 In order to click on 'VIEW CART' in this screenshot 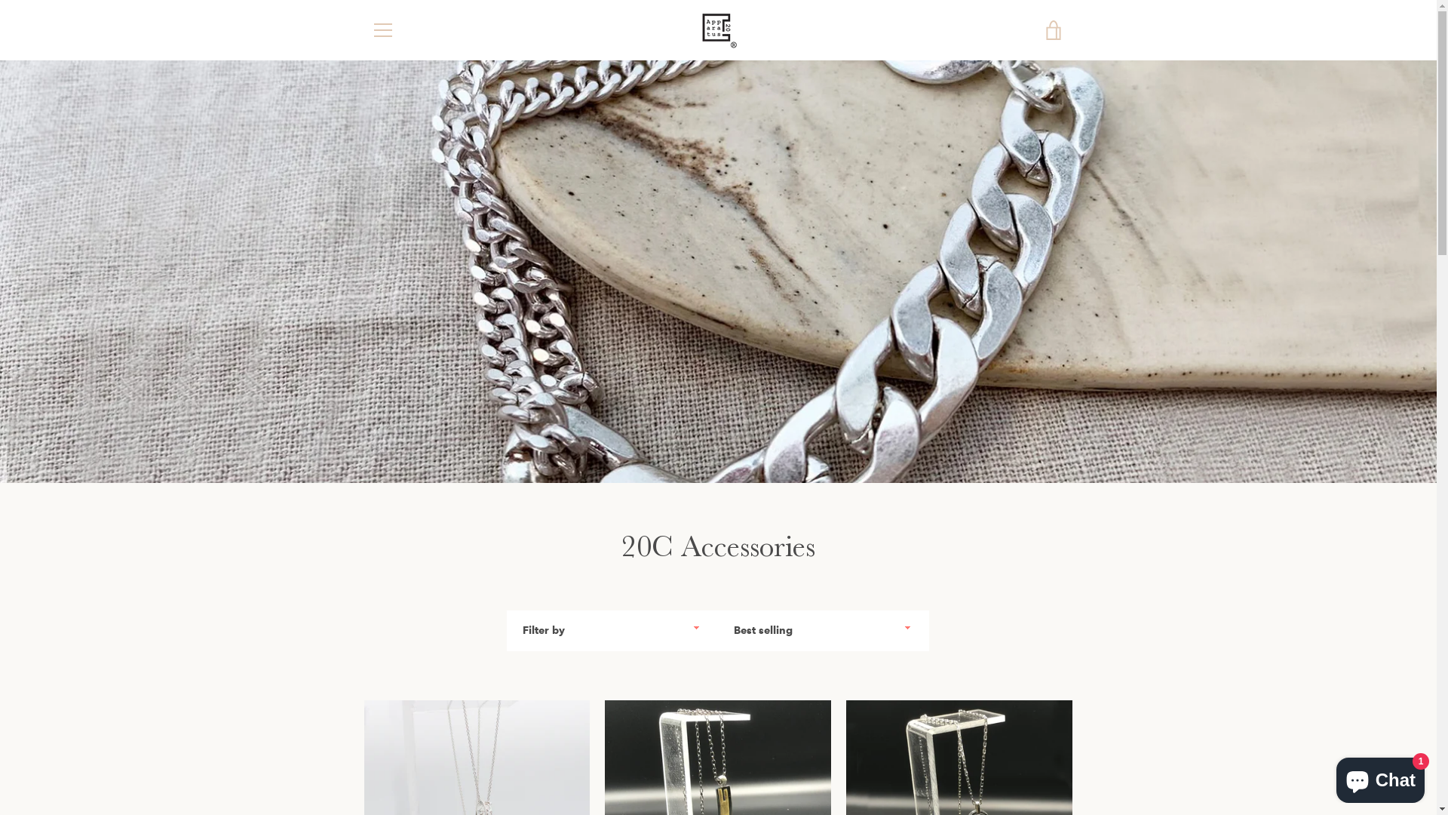, I will do `click(1052, 29)`.